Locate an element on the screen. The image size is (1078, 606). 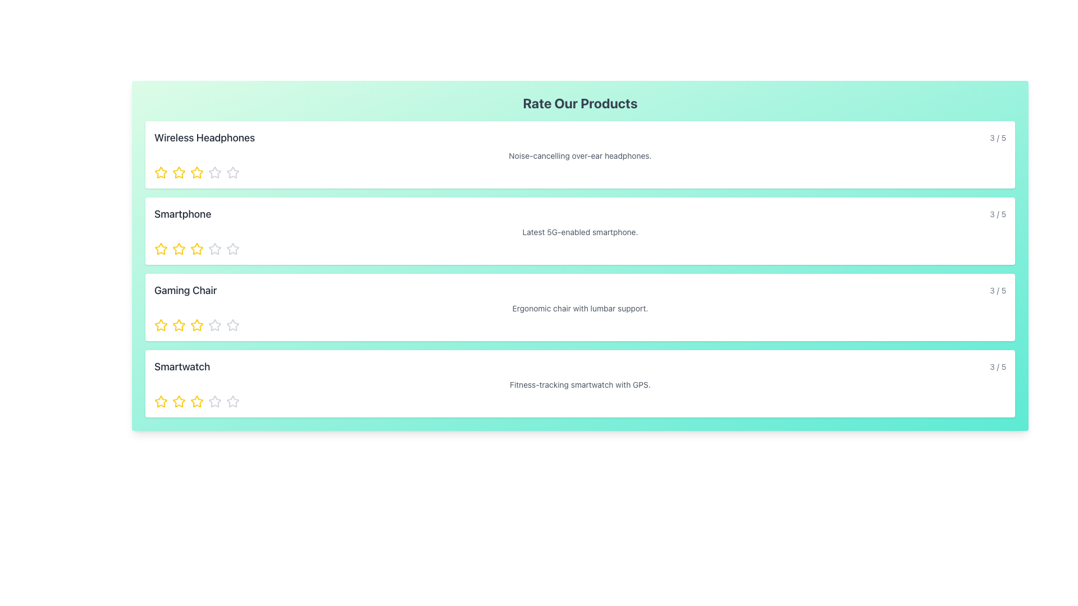
the third rating star from the left in the 'Wireless Headphones' product card is located at coordinates (197, 172).